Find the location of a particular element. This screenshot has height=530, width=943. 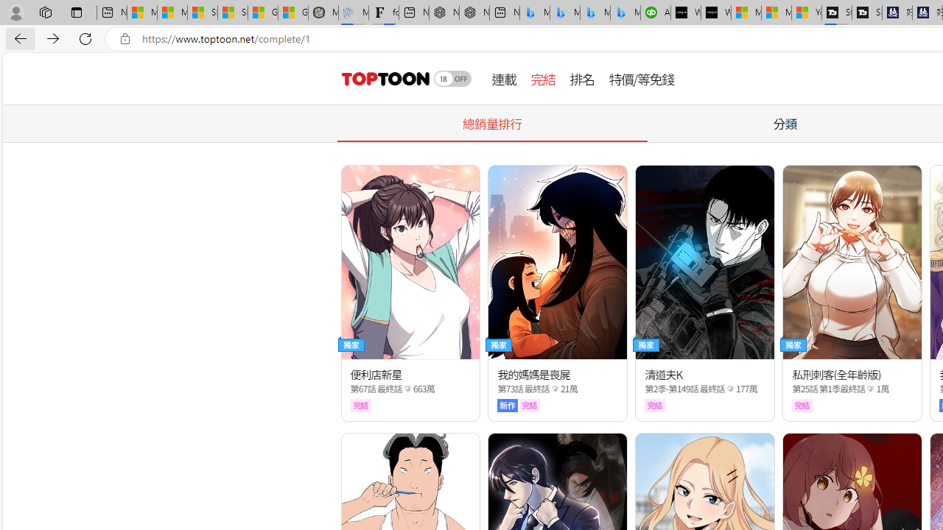

'Gilma and Hector both pose tropical trouble for Hawaii' is located at coordinates (293, 13).